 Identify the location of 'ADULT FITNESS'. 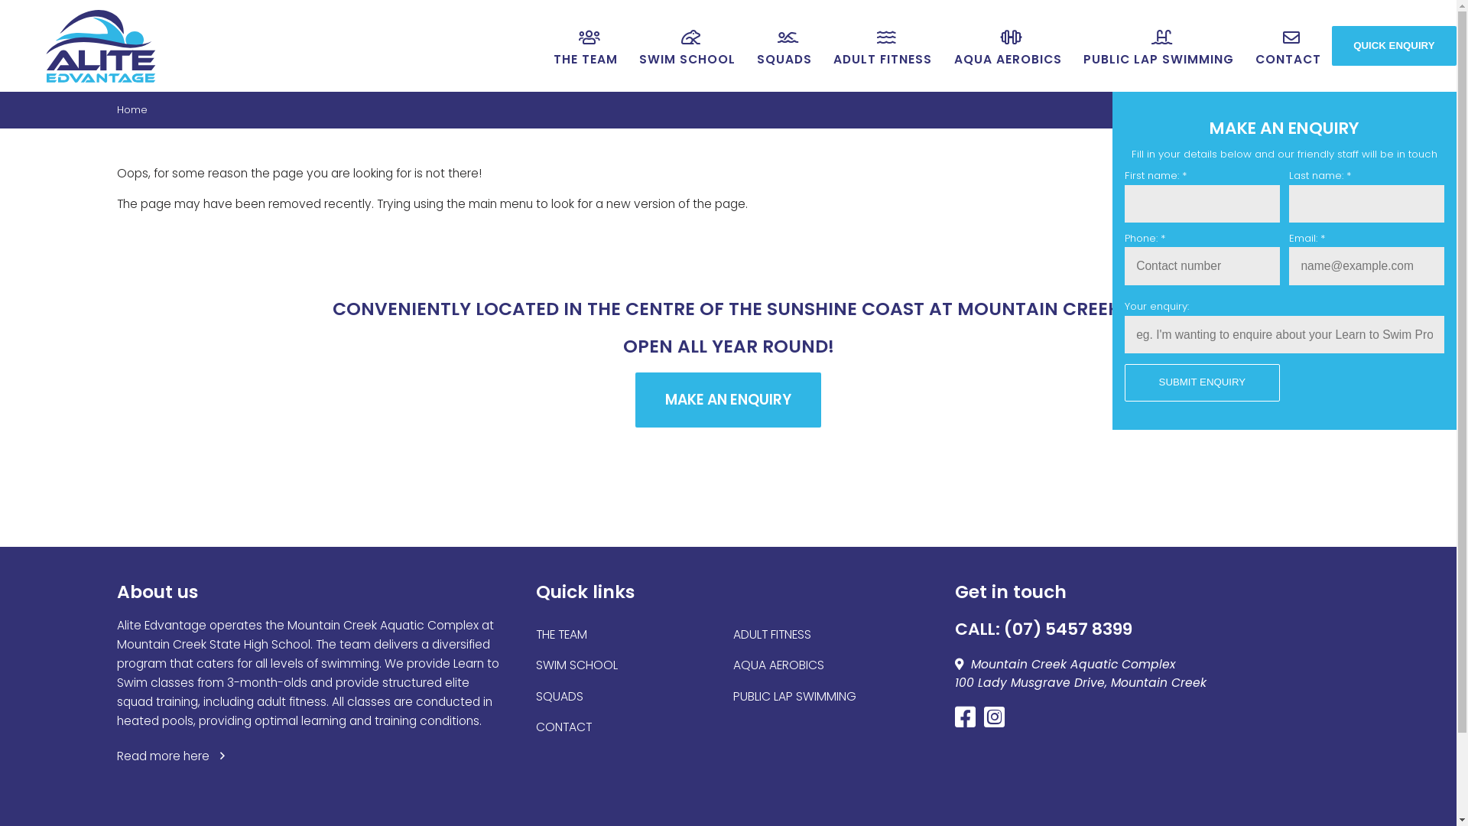
(732, 634).